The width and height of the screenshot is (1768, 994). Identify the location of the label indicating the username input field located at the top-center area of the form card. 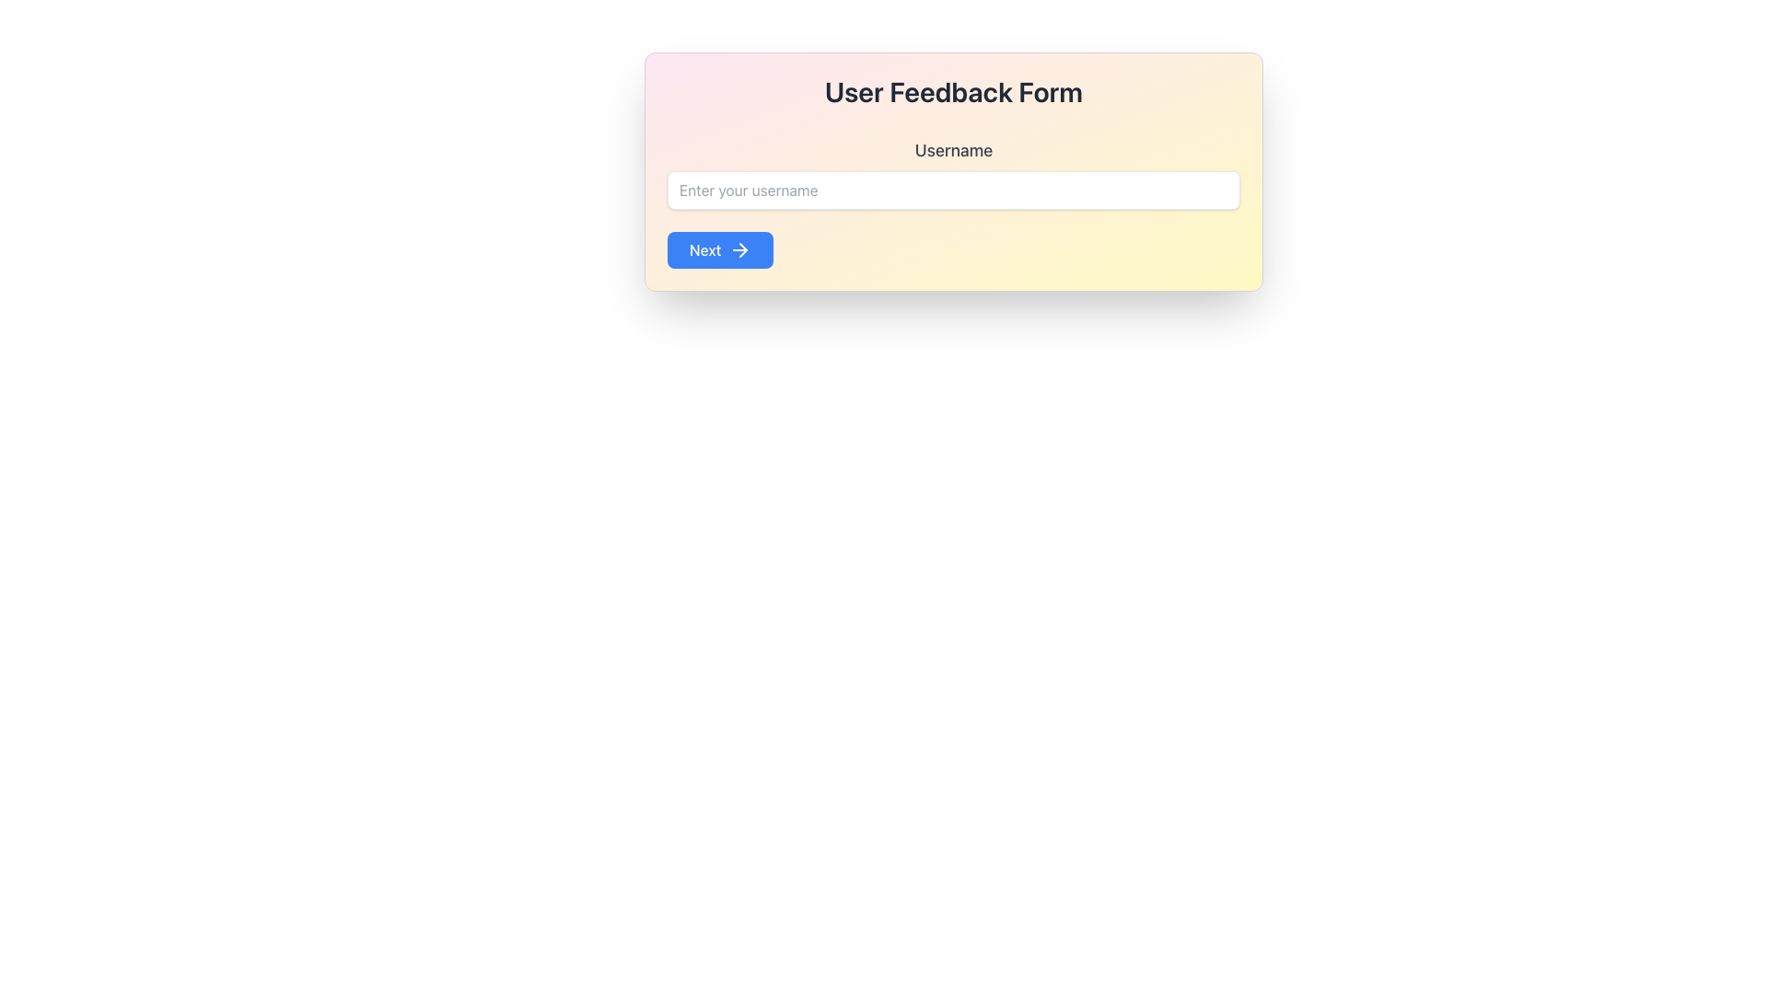
(954, 150).